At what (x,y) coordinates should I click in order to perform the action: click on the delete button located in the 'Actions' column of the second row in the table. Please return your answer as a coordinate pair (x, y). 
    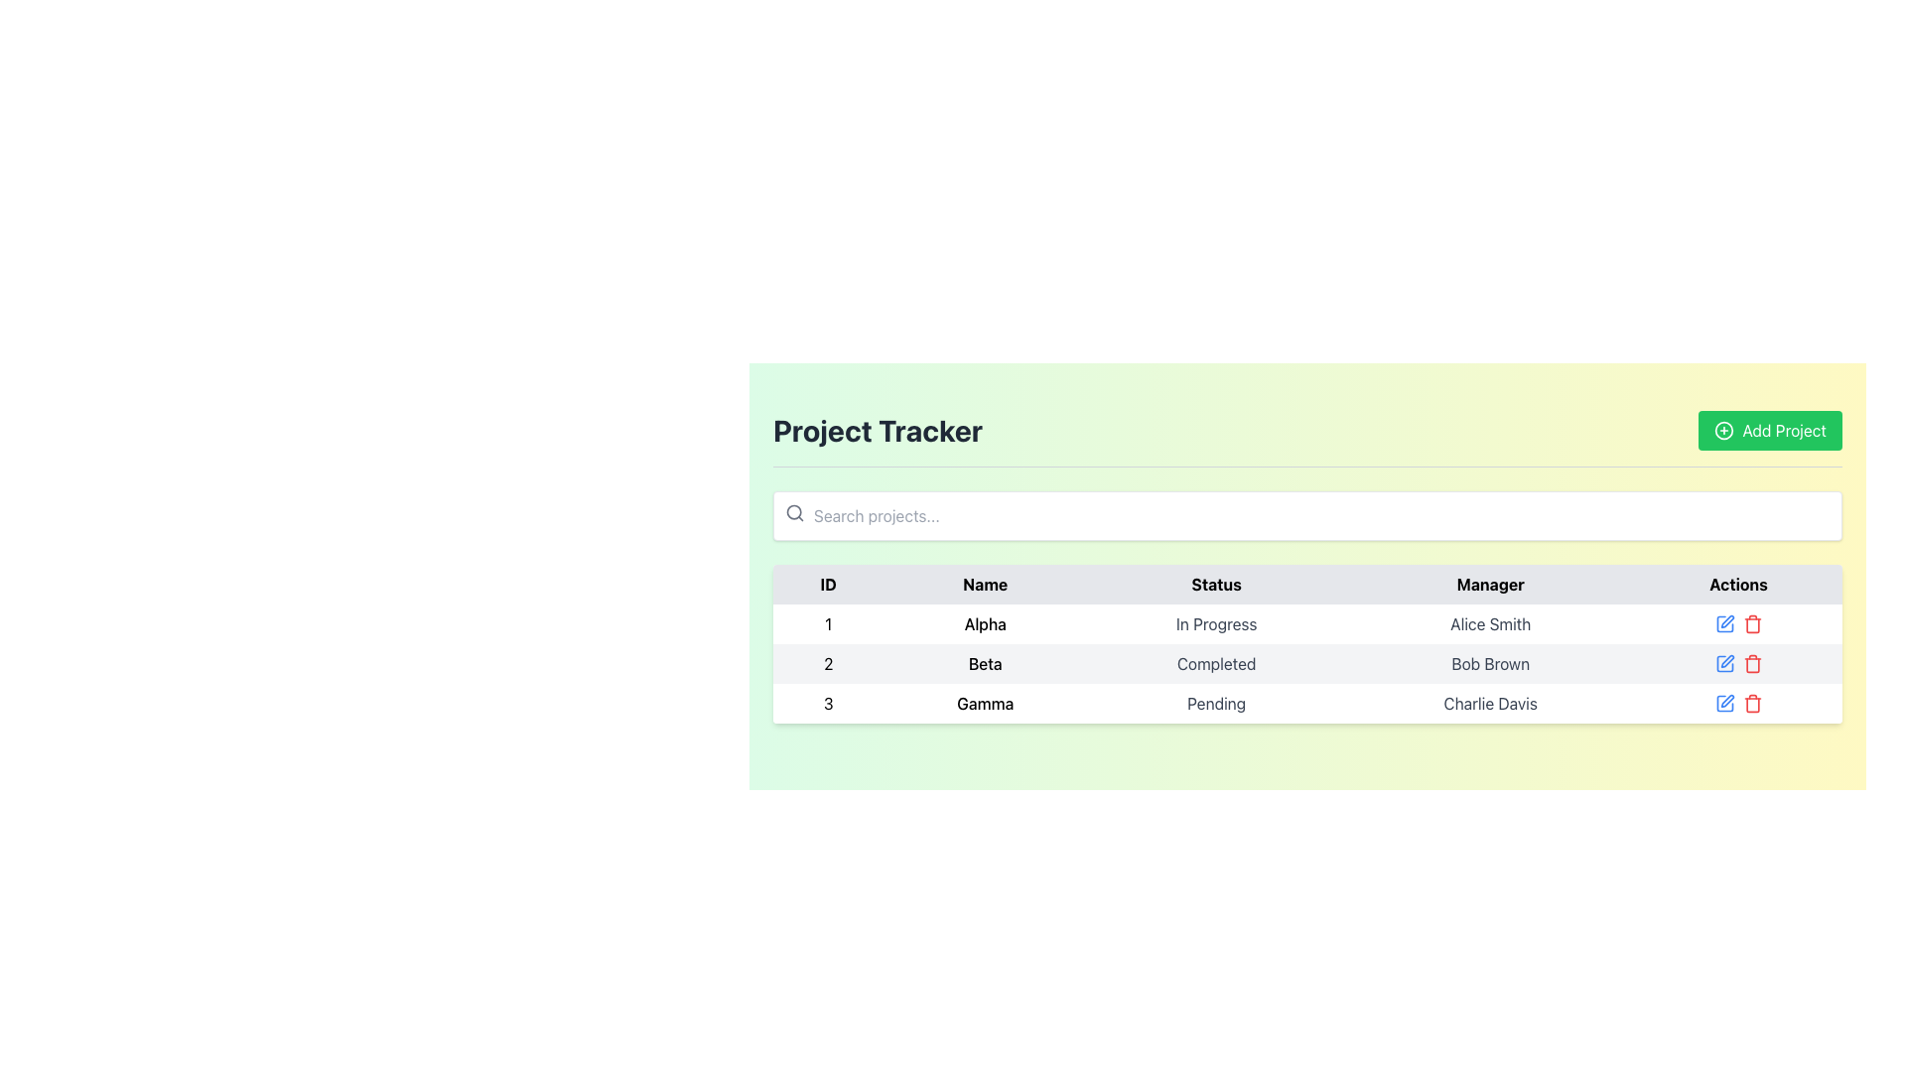
    Looking at the image, I should click on (1752, 663).